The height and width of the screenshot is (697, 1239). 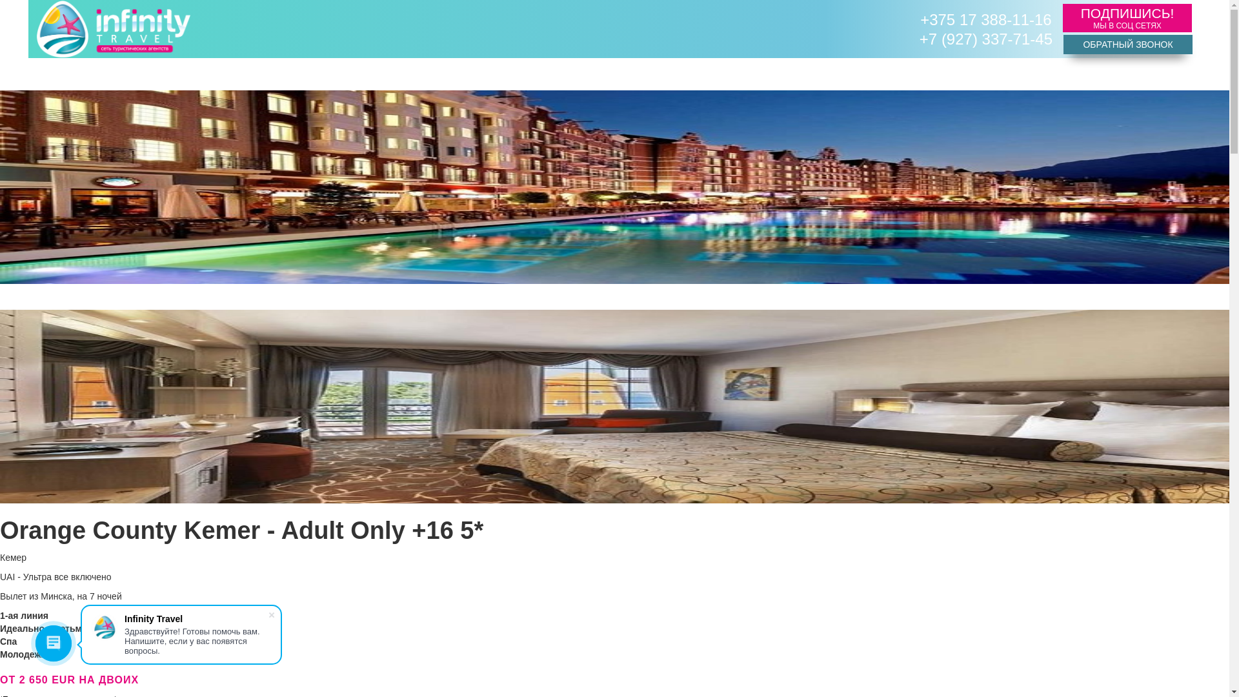 What do you see at coordinates (985, 19) in the screenshot?
I see `'+375 17 388-11-16'` at bounding box center [985, 19].